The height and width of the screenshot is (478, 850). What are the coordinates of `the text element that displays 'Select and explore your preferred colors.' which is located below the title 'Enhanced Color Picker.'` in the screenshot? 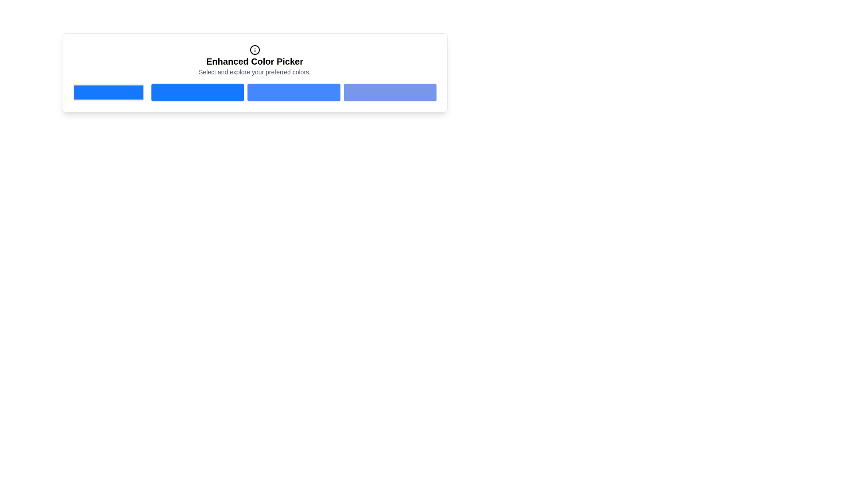 It's located at (254, 71).